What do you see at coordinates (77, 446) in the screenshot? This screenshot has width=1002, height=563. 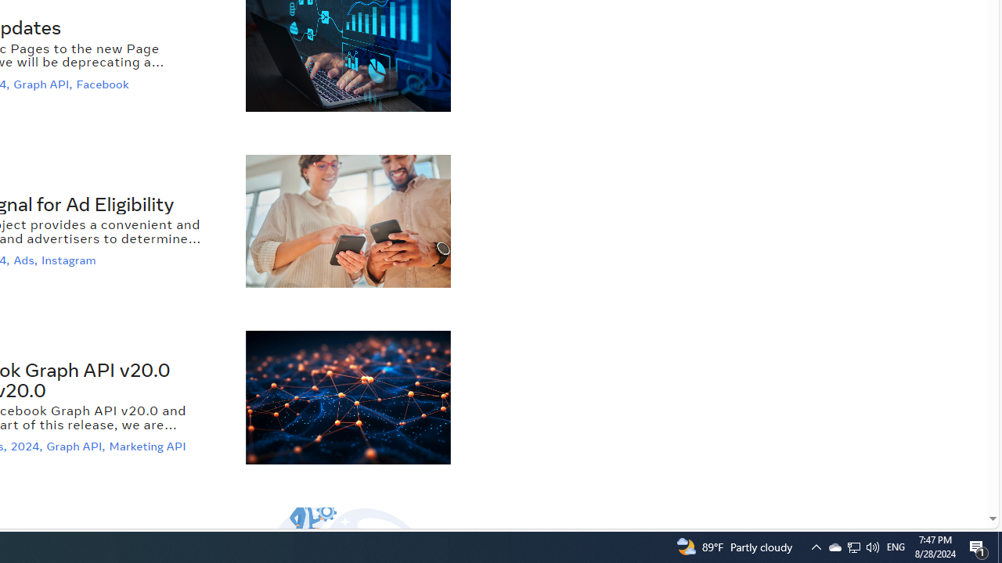 I see `'Graph API,'` at bounding box center [77, 446].